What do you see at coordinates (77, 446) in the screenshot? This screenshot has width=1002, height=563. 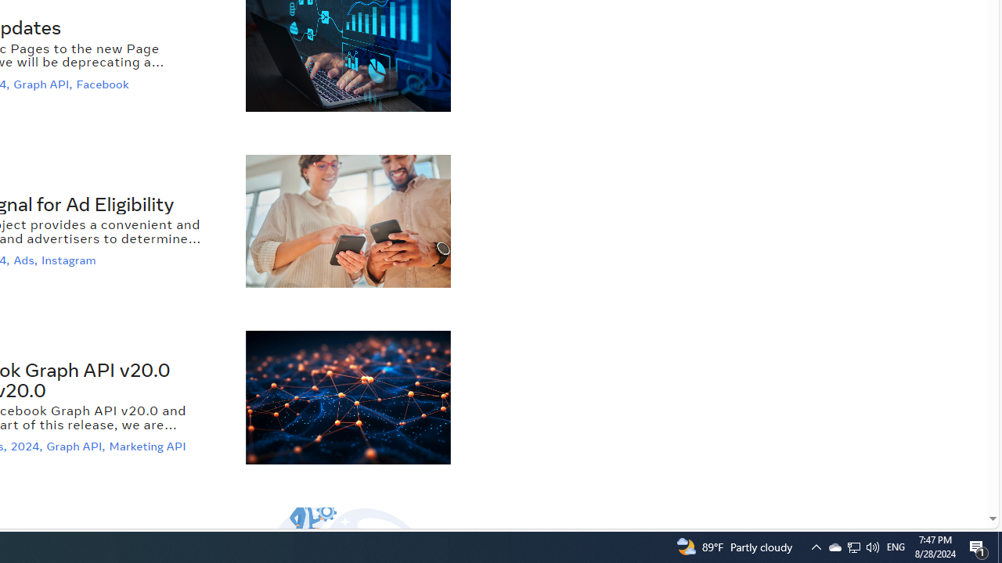 I see `'Graph API,'` at bounding box center [77, 446].